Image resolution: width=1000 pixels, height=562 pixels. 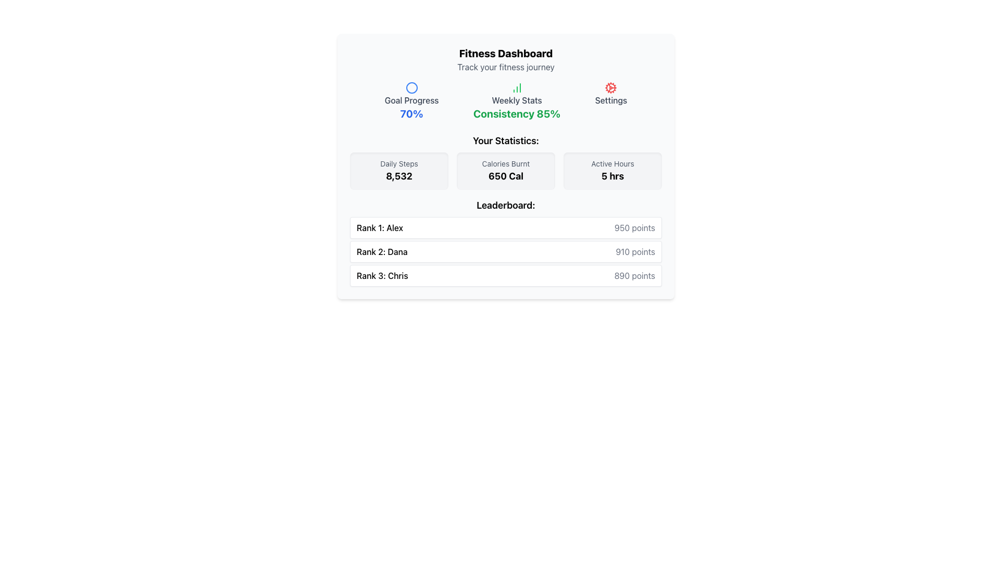 I want to click on the circular SVG graphical element representing 'Goal Progress' located at the top-left portion of the dashboard layout, so click(x=411, y=87).